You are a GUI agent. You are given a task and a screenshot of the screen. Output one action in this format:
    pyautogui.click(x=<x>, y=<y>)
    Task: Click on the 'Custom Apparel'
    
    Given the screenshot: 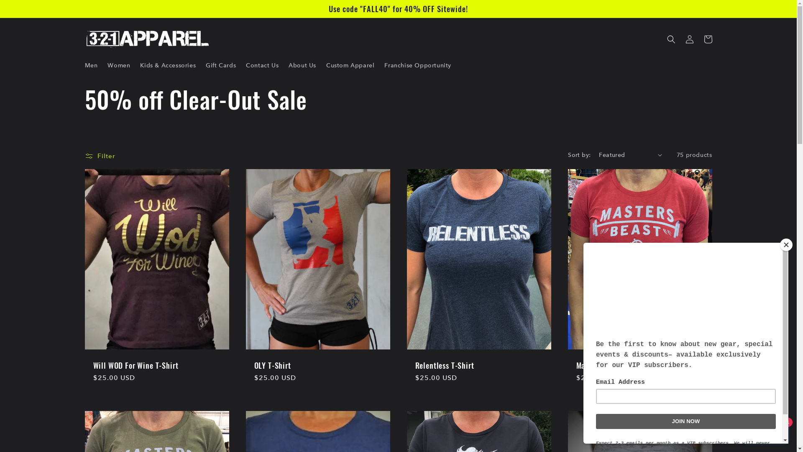 What is the action you would take?
    pyautogui.click(x=350, y=64)
    